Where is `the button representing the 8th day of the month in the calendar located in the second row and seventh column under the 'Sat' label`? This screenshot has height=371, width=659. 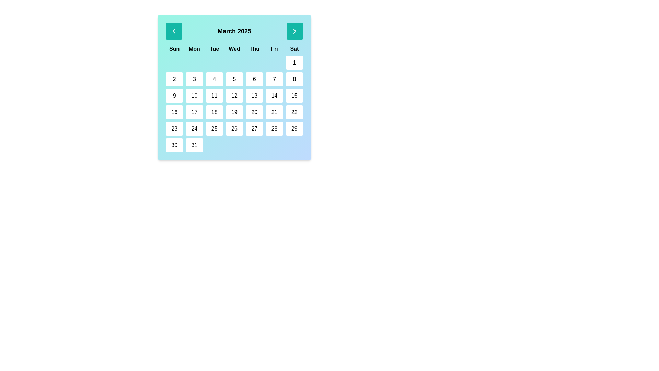 the button representing the 8th day of the month in the calendar located in the second row and seventh column under the 'Sat' label is located at coordinates (294, 79).